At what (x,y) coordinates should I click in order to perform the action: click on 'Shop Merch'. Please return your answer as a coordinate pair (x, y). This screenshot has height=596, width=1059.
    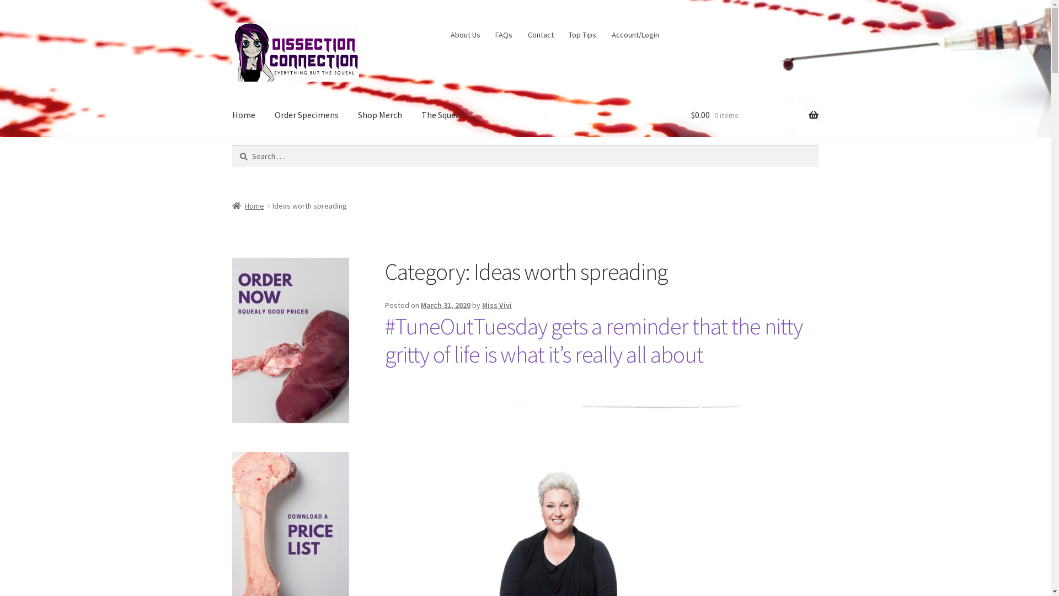
    Looking at the image, I should click on (380, 115).